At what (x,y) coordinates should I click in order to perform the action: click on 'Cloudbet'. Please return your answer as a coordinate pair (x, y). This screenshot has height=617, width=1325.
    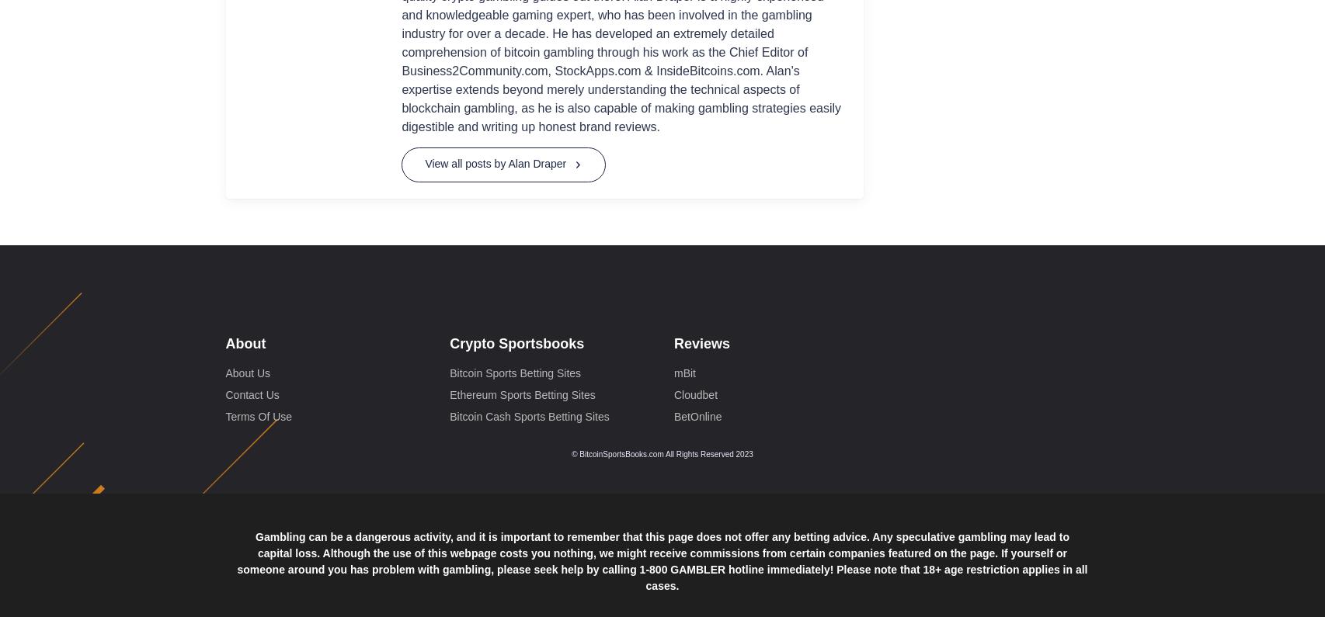
    Looking at the image, I should click on (695, 109).